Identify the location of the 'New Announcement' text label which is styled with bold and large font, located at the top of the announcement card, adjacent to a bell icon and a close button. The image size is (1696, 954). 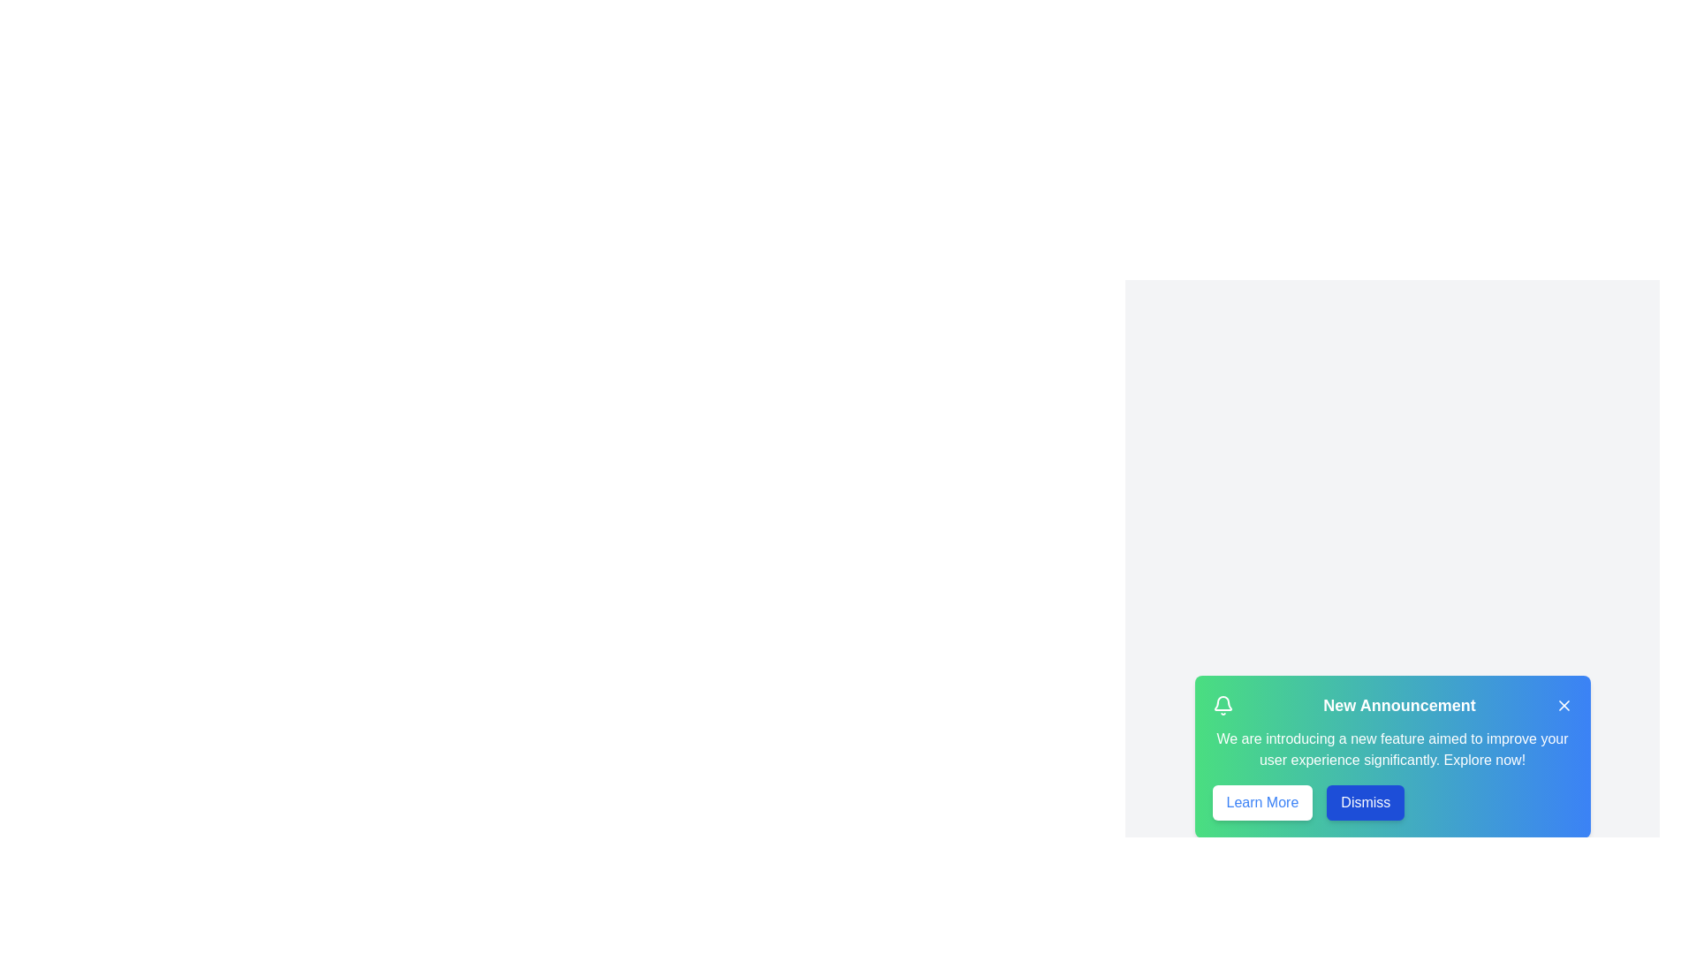
(1391, 704).